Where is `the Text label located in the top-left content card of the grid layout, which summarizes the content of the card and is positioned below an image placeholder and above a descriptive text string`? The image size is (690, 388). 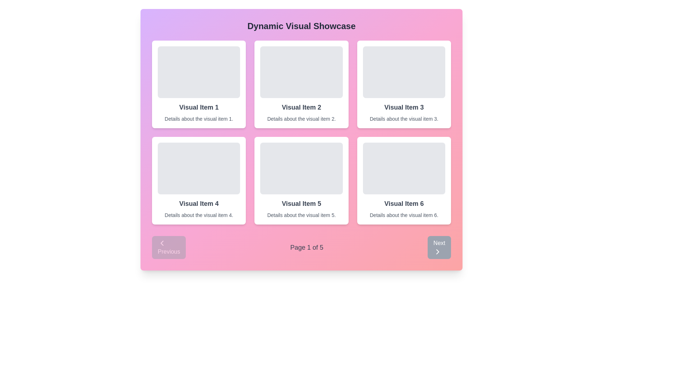
the Text label located in the top-left content card of the grid layout, which summarizes the content of the card and is positioned below an image placeholder and above a descriptive text string is located at coordinates (199, 107).